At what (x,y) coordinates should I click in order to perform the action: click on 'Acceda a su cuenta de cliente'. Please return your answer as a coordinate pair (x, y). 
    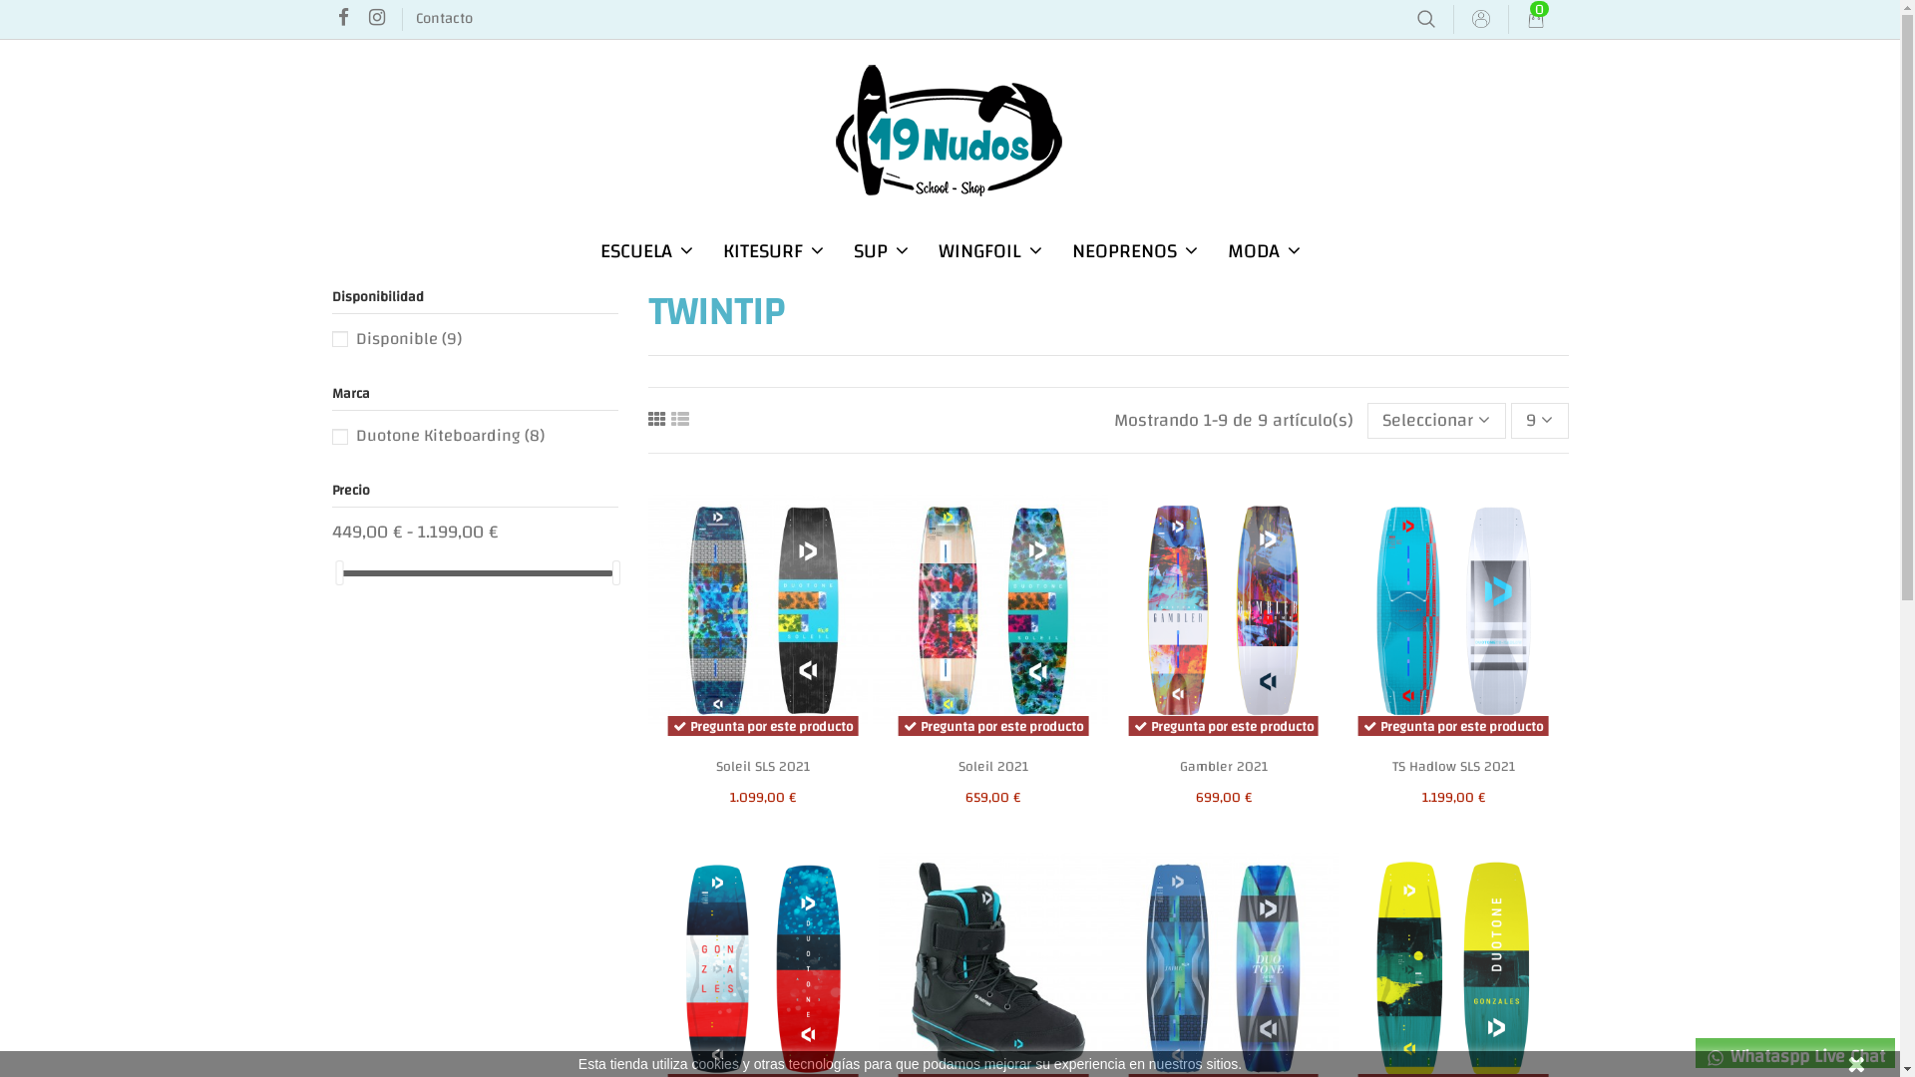
    Looking at the image, I should click on (1480, 19).